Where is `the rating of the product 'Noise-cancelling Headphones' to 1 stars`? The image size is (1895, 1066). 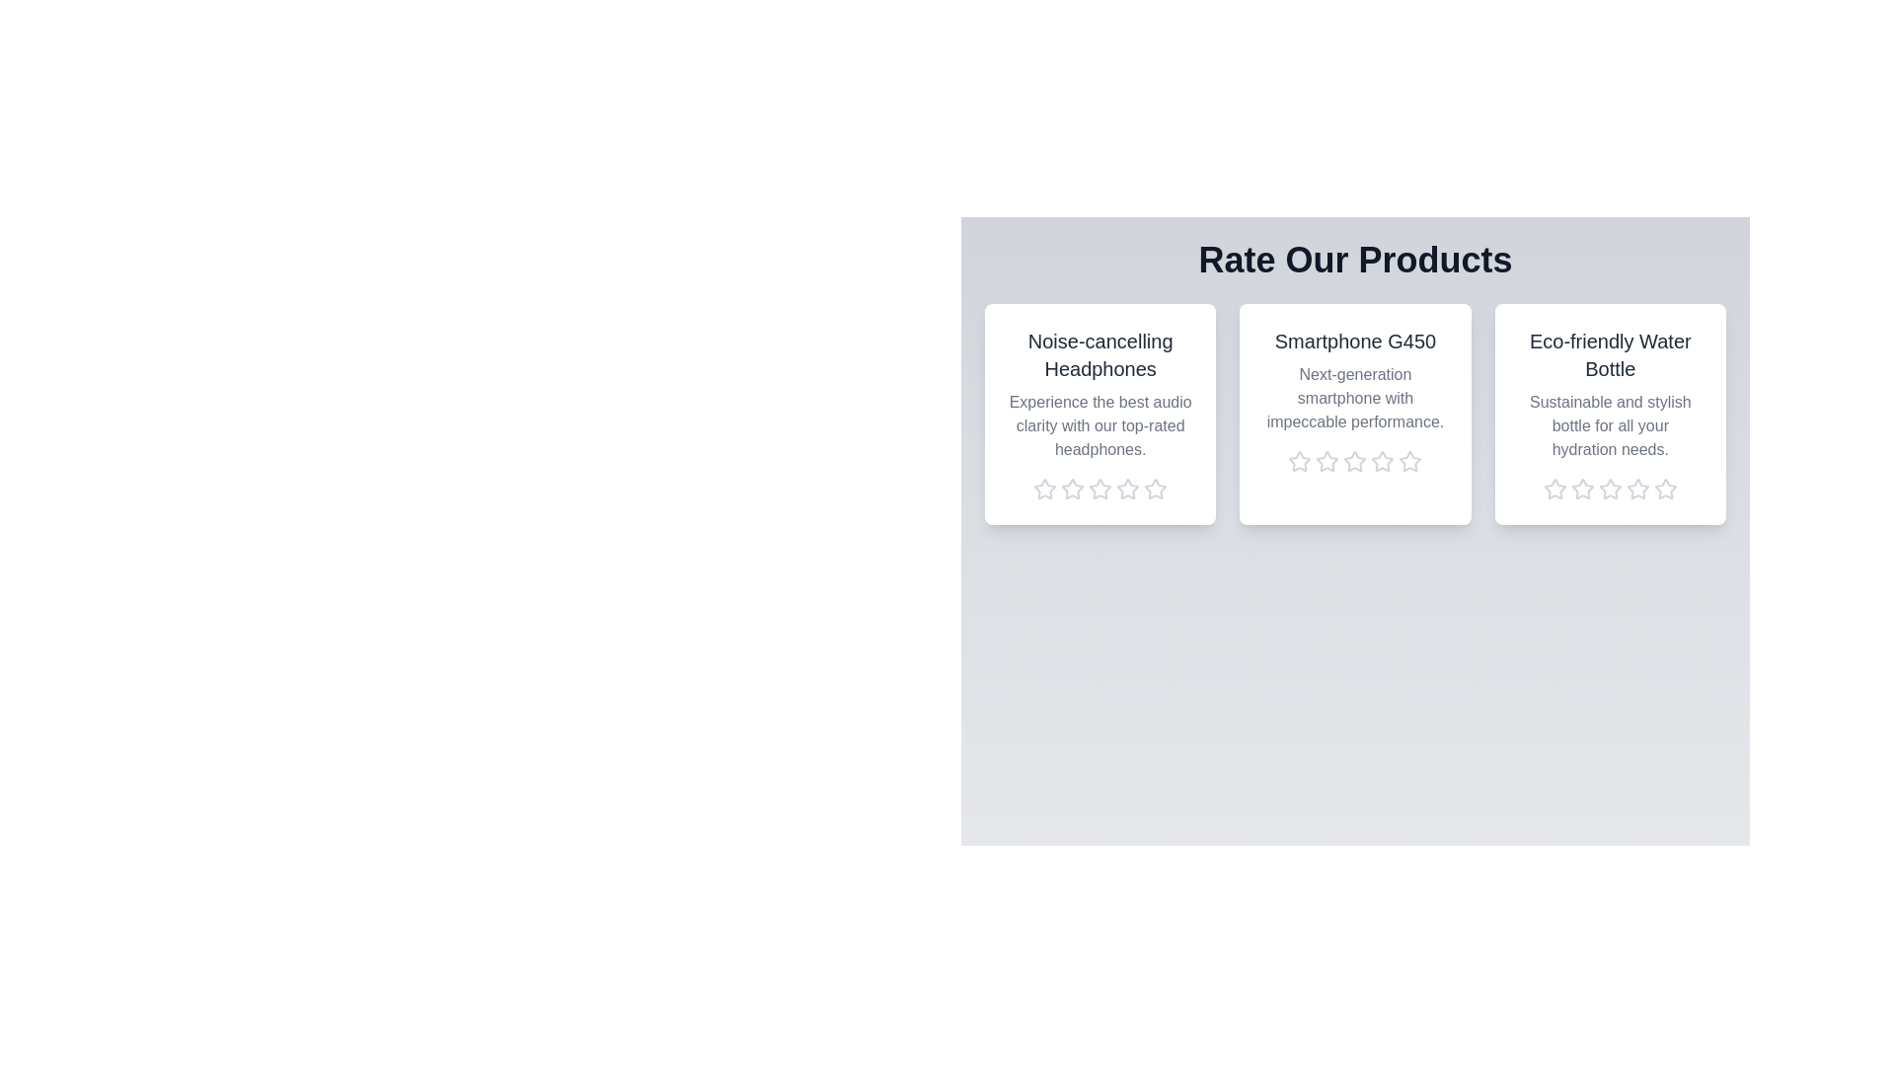 the rating of the product 'Noise-cancelling Headphones' to 1 stars is located at coordinates (1044, 489).